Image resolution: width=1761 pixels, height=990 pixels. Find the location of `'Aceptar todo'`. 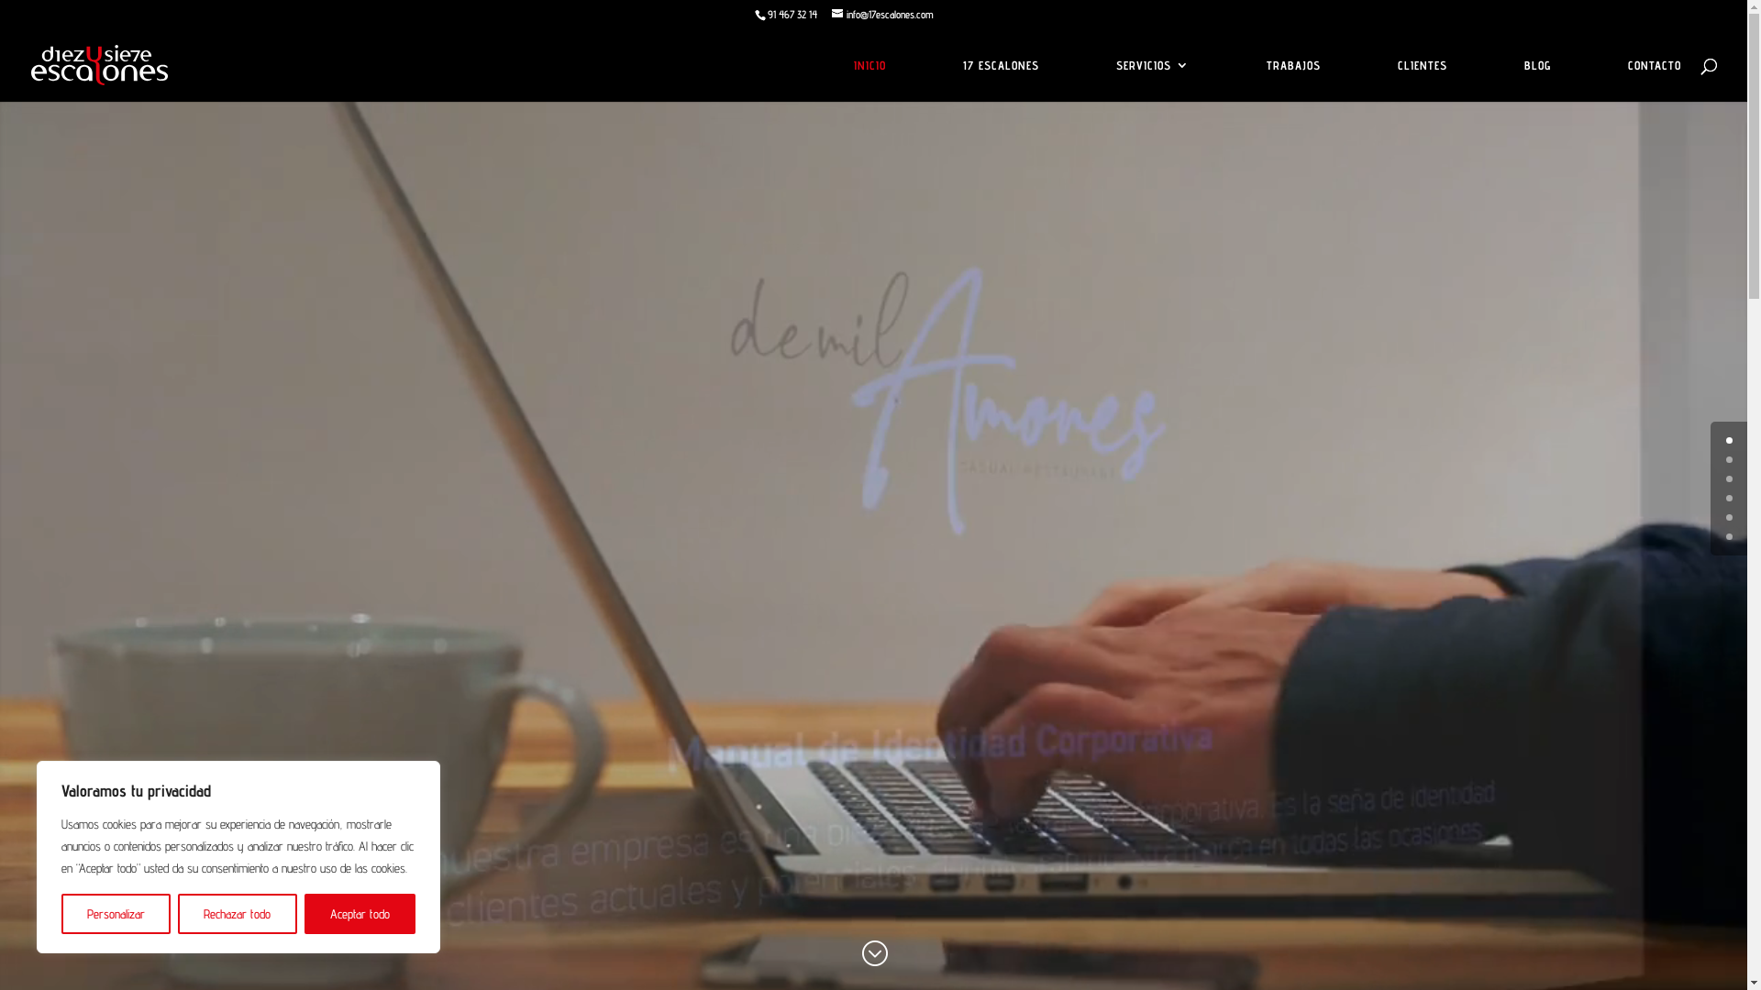

'Aceptar todo' is located at coordinates (360, 913).